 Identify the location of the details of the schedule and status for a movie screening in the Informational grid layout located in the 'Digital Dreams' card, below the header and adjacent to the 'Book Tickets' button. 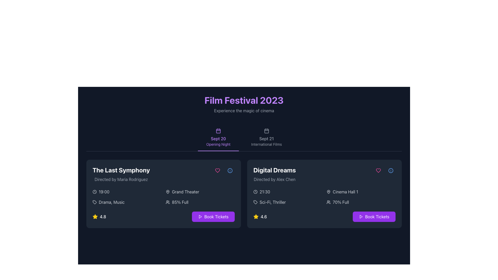
(324, 197).